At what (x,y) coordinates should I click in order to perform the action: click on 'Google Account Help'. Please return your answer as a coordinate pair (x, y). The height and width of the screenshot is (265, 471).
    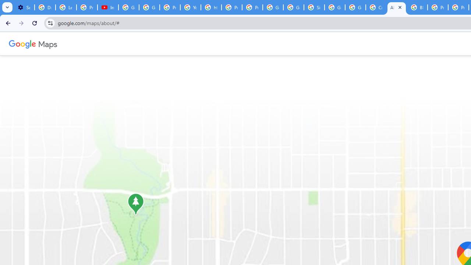
    Looking at the image, I should click on (129, 7).